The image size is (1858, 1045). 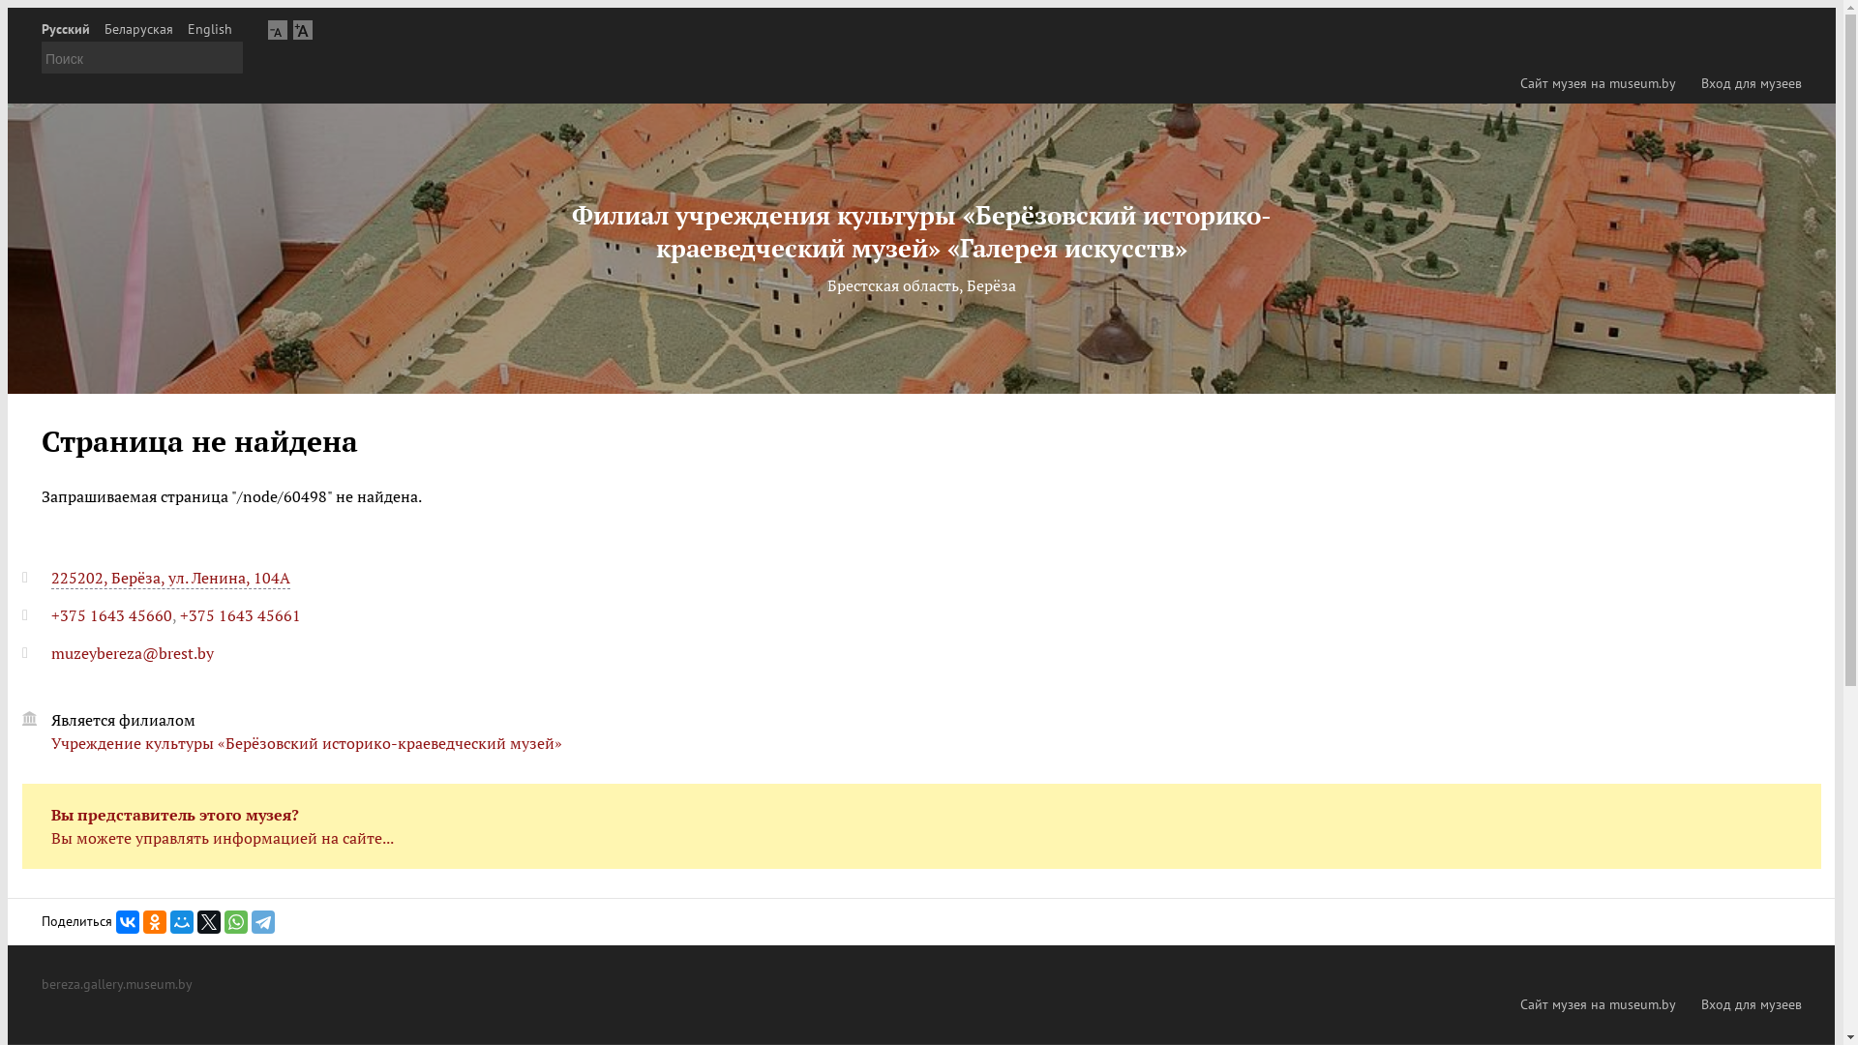 I want to click on 'A', so click(x=301, y=29).